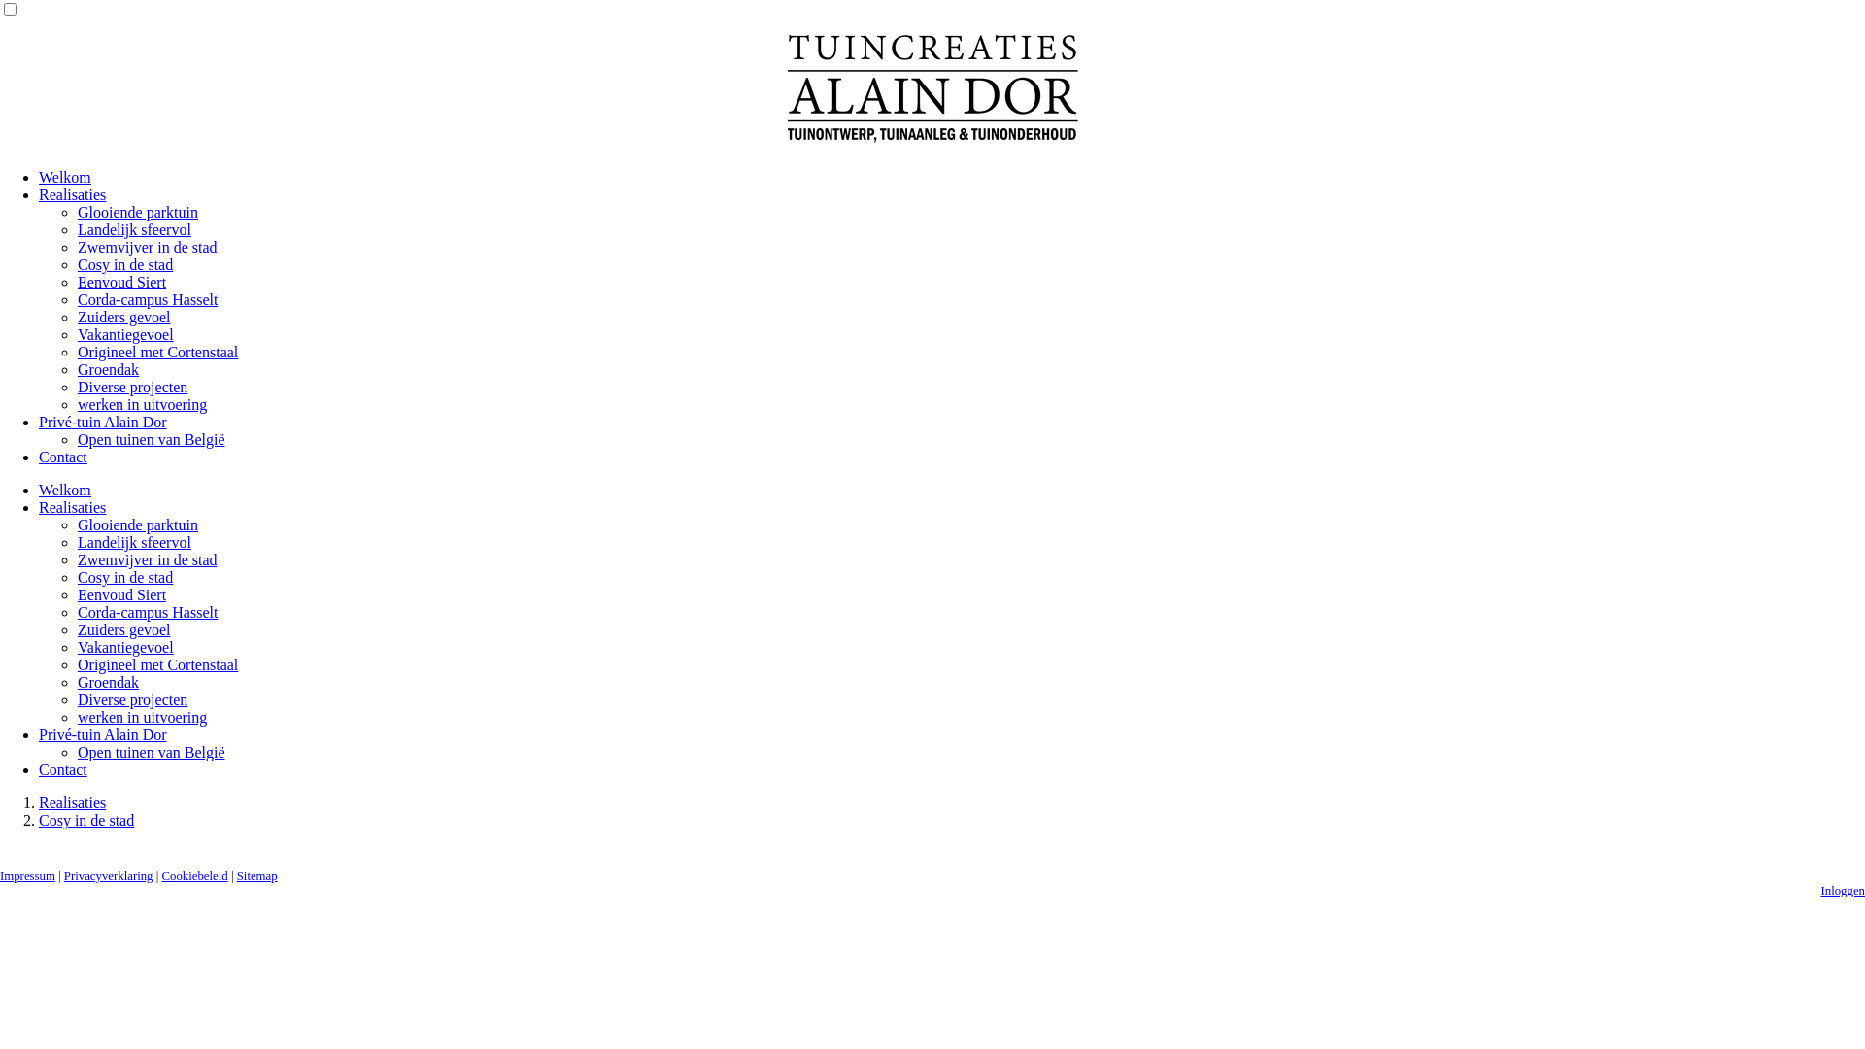 Image resolution: width=1865 pixels, height=1049 pixels. Describe the element at coordinates (63, 768) in the screenshot. I see `'Contact'` at that location.